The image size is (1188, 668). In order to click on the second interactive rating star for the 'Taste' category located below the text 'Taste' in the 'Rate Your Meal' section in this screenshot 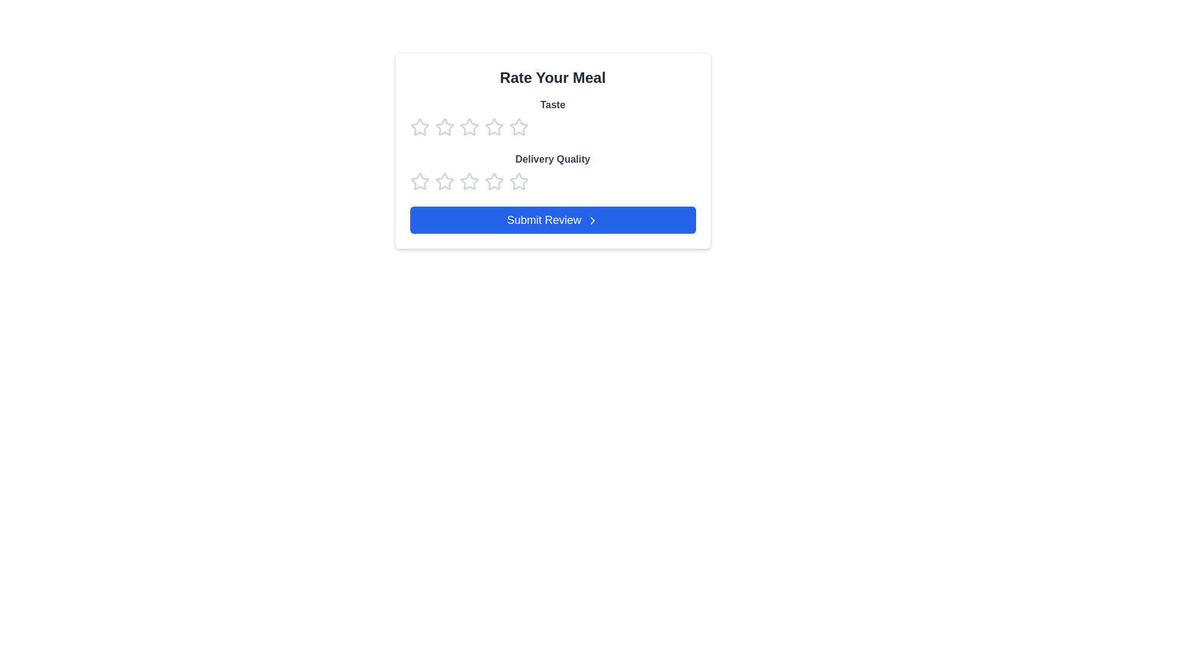, I will do `click(468, 127)`.